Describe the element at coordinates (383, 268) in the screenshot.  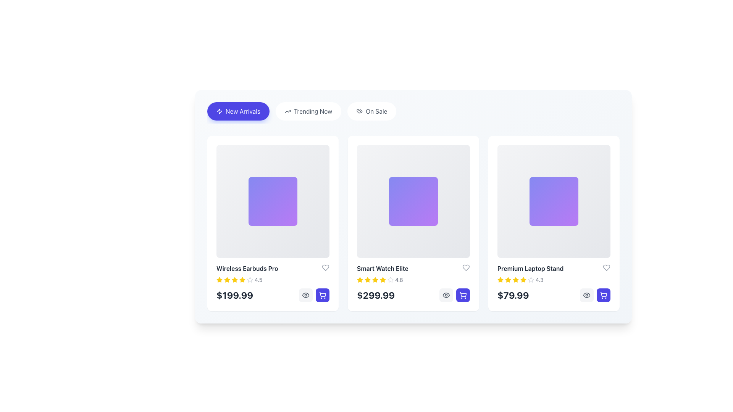
I see `the 'Smart Watch Elite' label` at that location.